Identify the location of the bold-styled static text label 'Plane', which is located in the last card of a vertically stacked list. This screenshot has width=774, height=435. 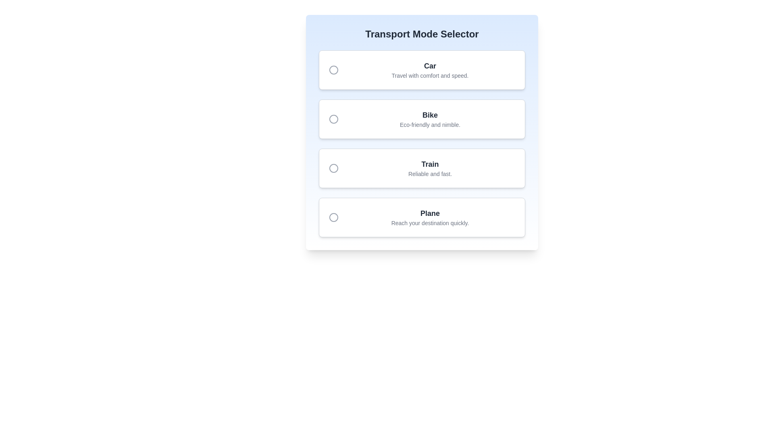
(429, 213).